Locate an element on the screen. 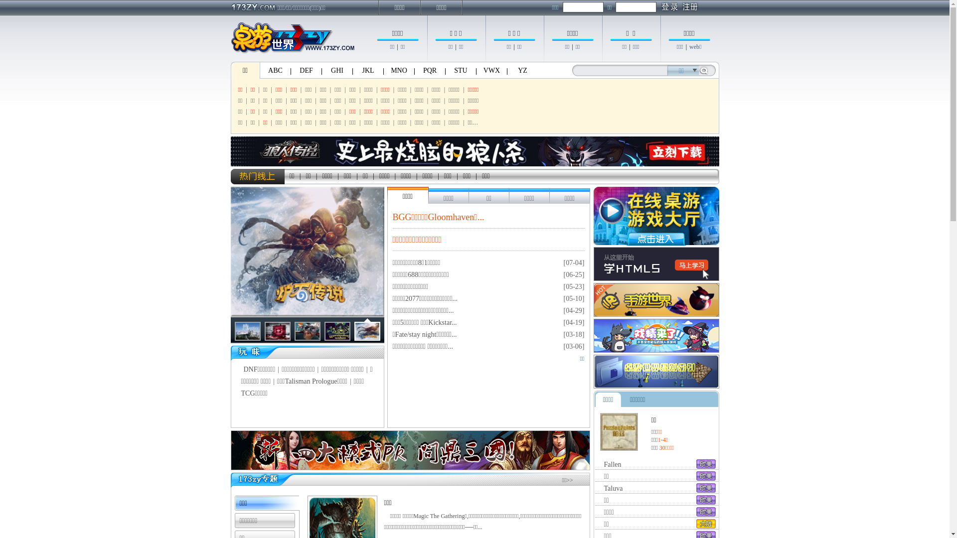  'Taluva' is located at coordinates (613, 488).